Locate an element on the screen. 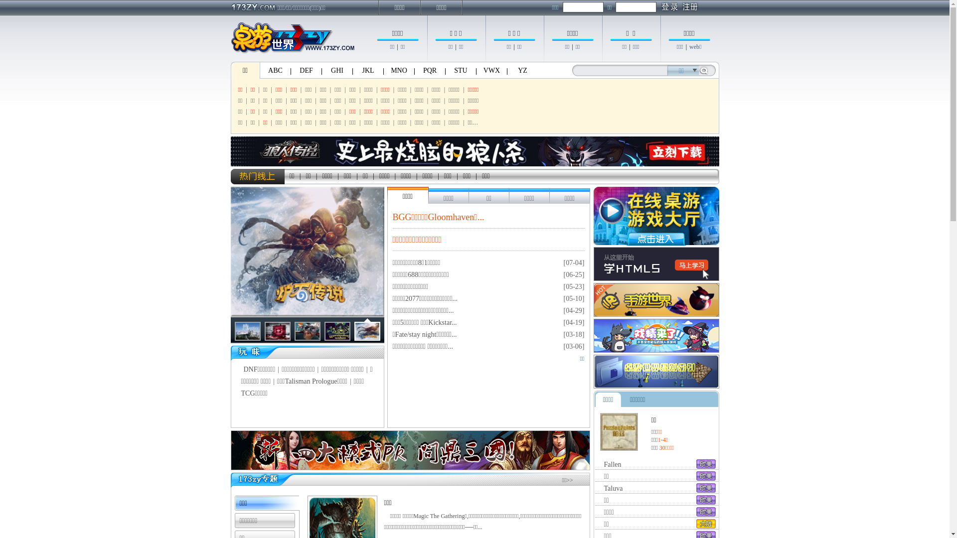  'Taluva' is located at coordinates (613, 488).